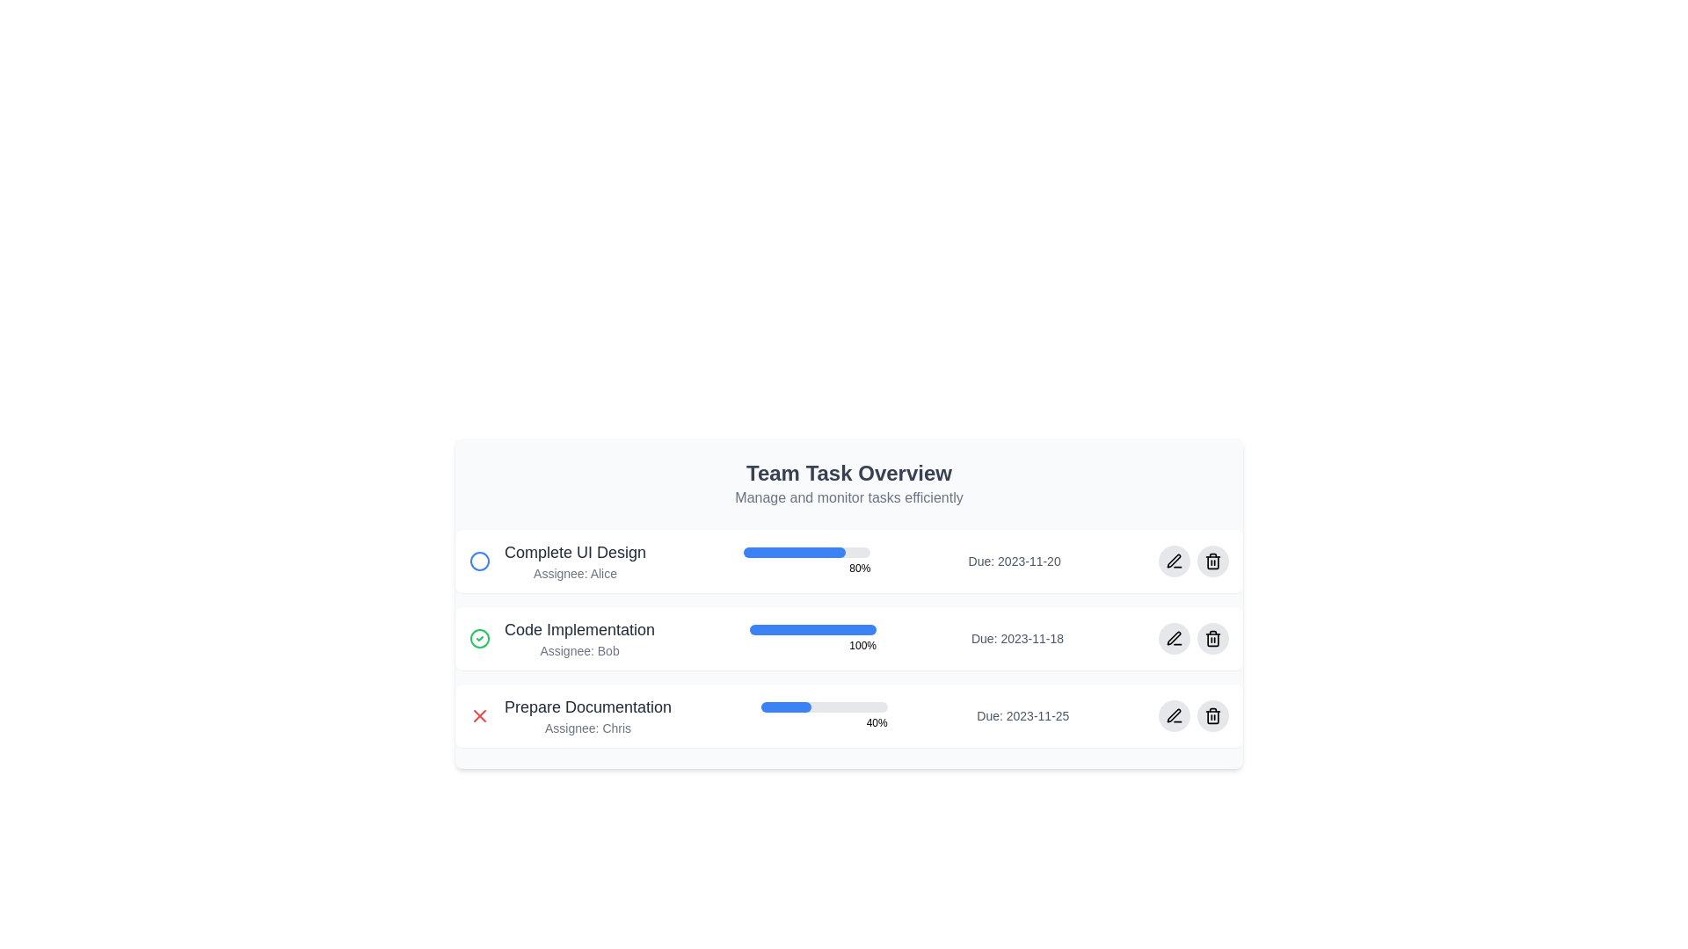 The height and width of the screenshot is (949, 1688). I want to click on the first progress bar in the vertical list of task descriptions, located adjacent to the right of 'Complete UI Design' and left of the due date, so click(806, 551).